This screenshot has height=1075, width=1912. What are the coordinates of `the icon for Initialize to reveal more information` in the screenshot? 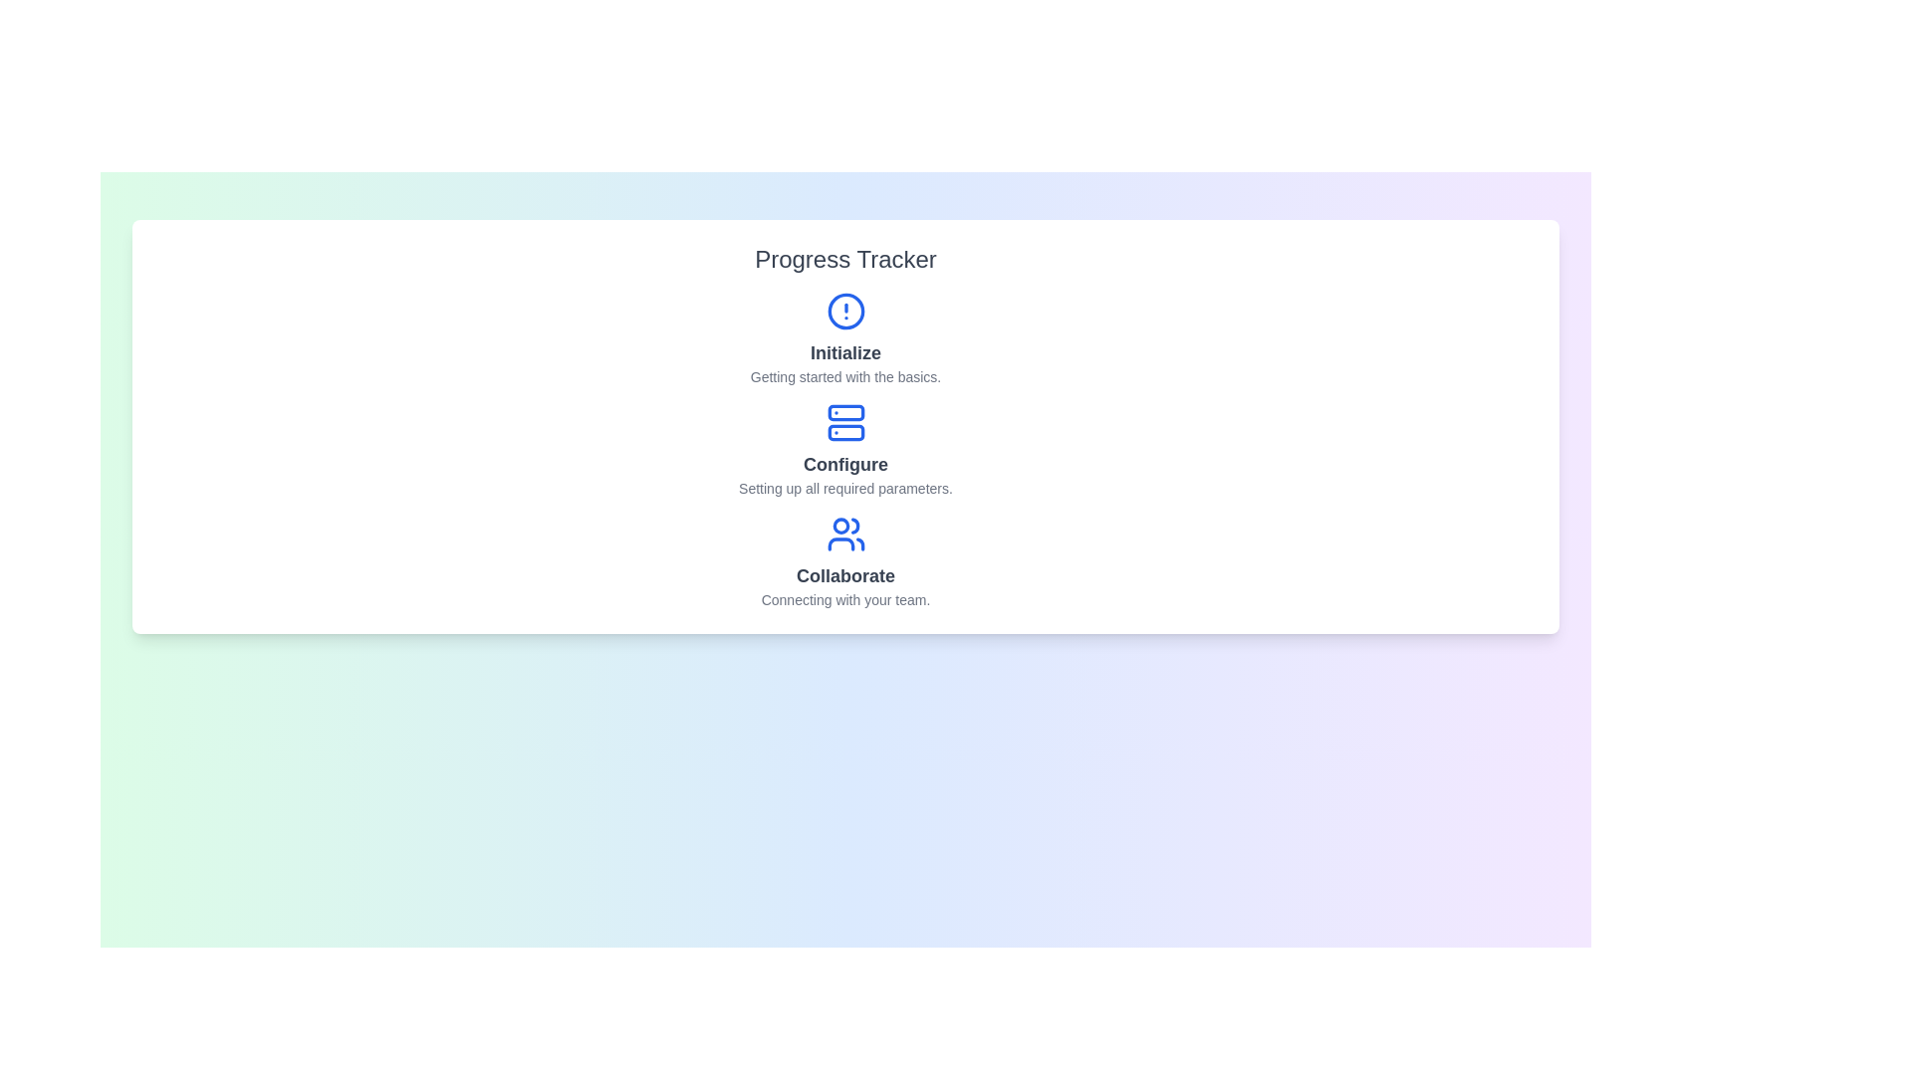 It's located at (845, 311).